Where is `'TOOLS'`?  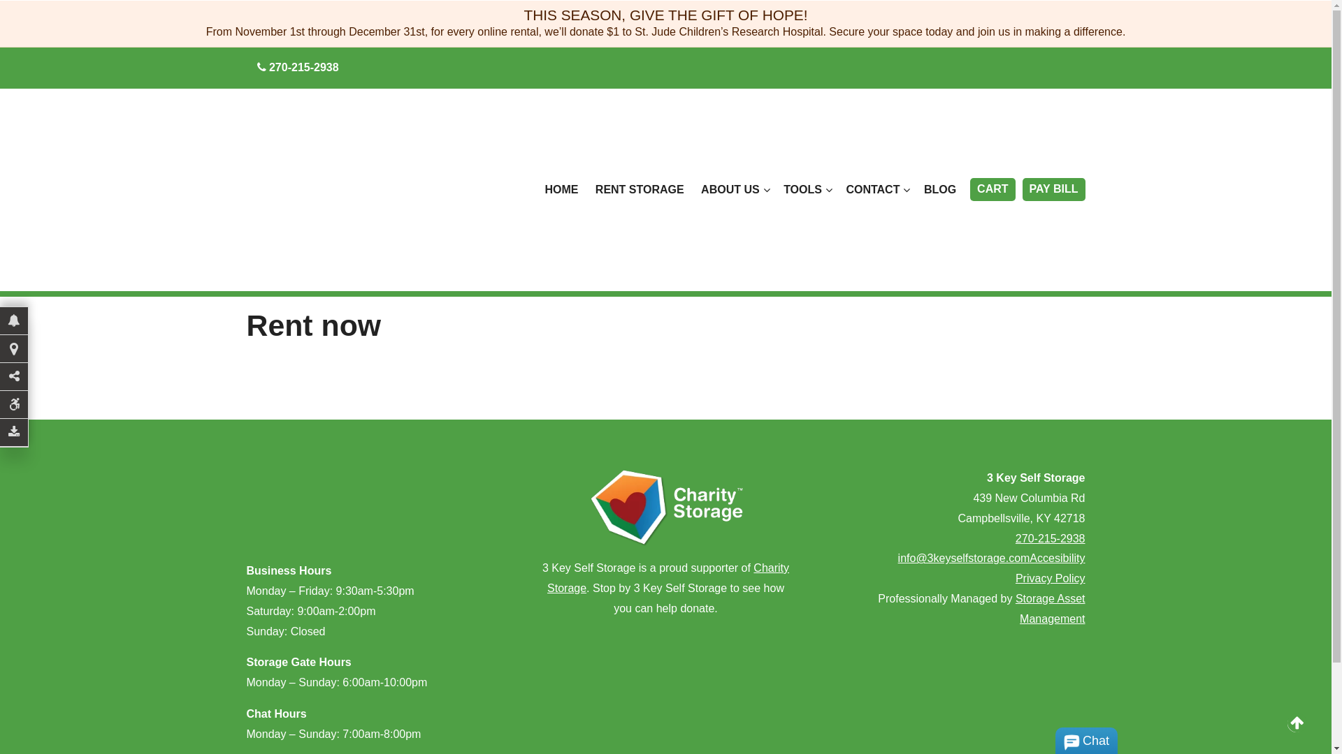 'TOOLS' is located at coordinates (806, 190).